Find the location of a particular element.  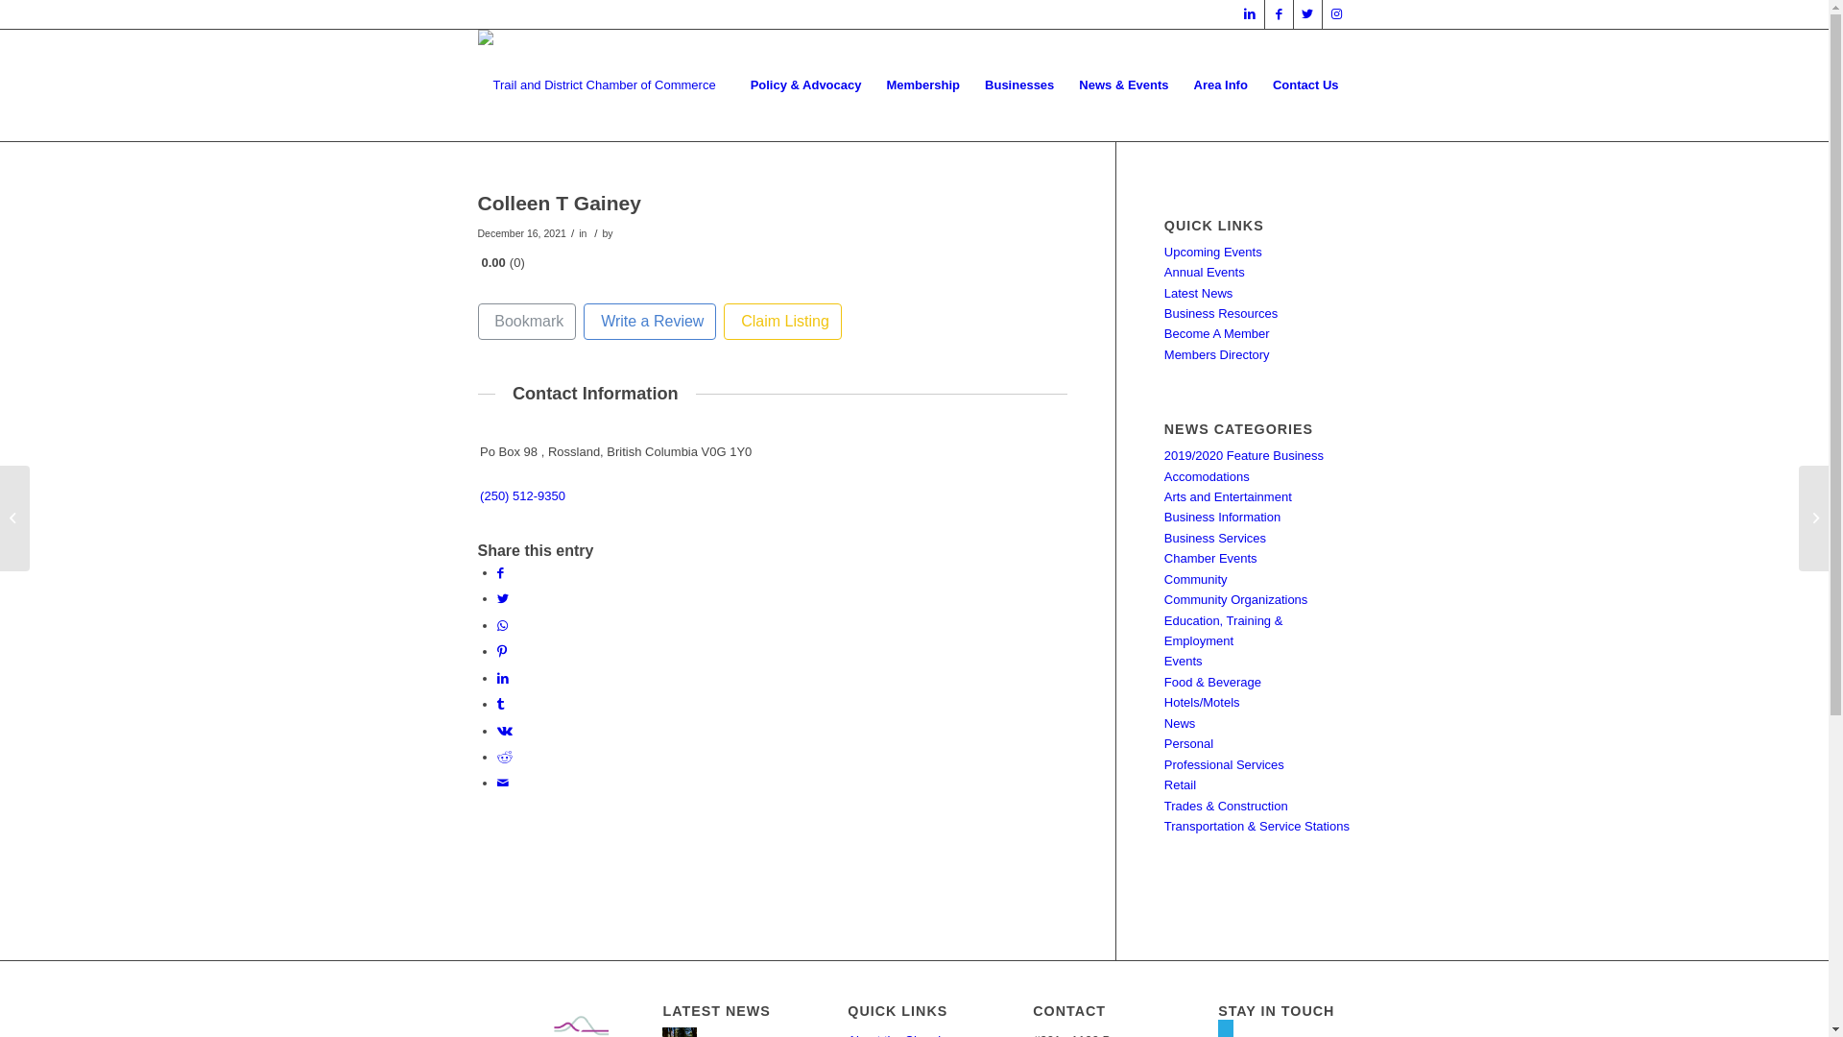

'Community' is located at coordinates (1195, 578).